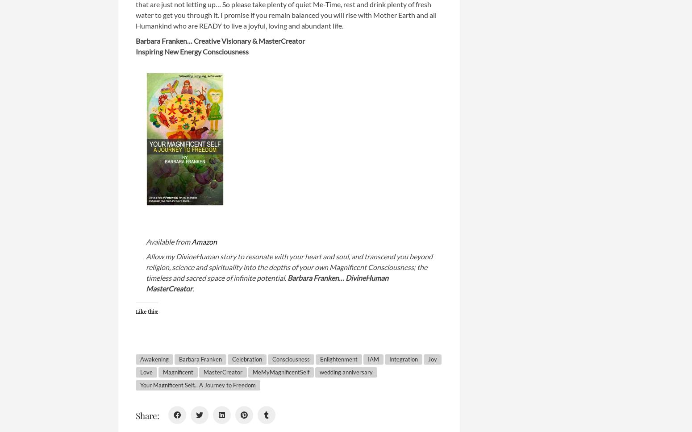 This screenshot has width=692, height=432. Describe the element at coordinates (289, 267) in the screenshot. I see `'Allow my DivineHuman story to resonate with your heart and soul, and transcend you beyond religion, science and spirituality into the depths of your own Magnificent Consciousness; the timeless and sacred space of infinite potential.'` at that location.